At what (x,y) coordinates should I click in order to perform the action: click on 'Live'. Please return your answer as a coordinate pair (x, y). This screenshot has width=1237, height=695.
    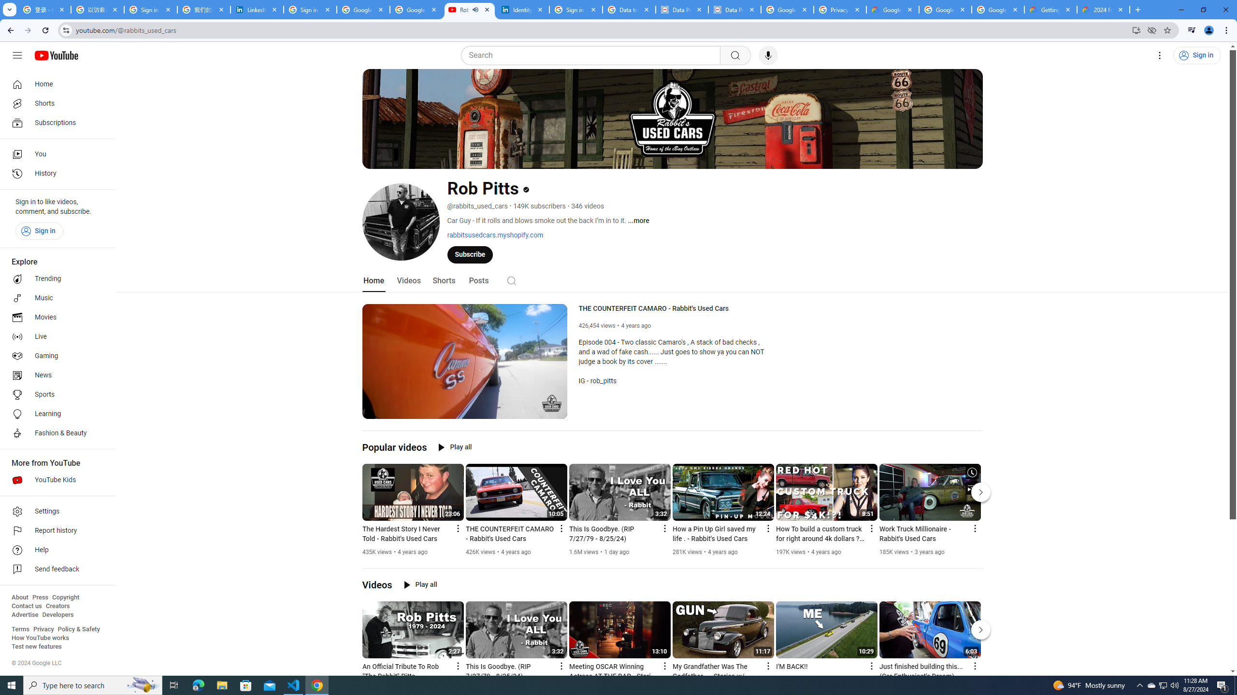
    Looking at the image, I should click on (55, 336).